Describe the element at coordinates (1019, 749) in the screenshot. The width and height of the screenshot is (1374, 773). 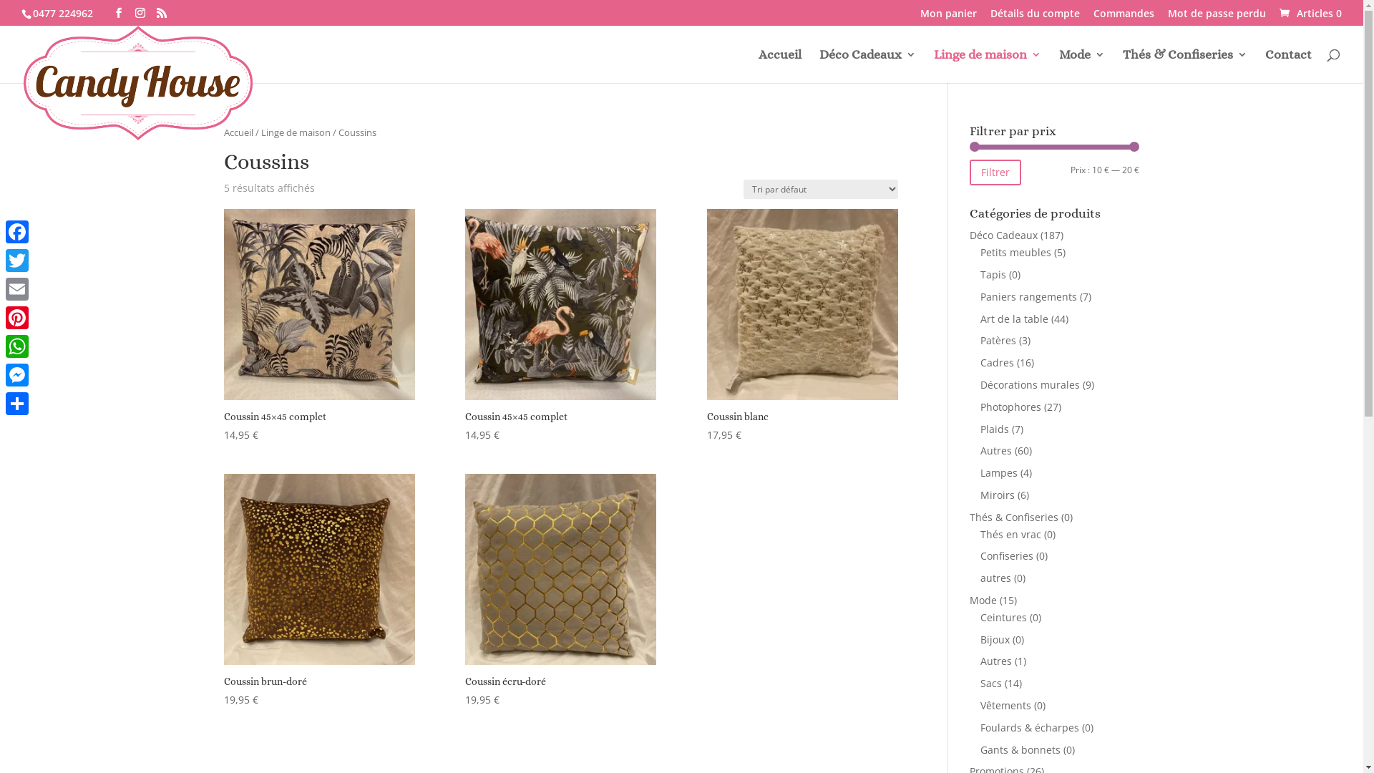
I see `'Gants & bonnets'` at that location.